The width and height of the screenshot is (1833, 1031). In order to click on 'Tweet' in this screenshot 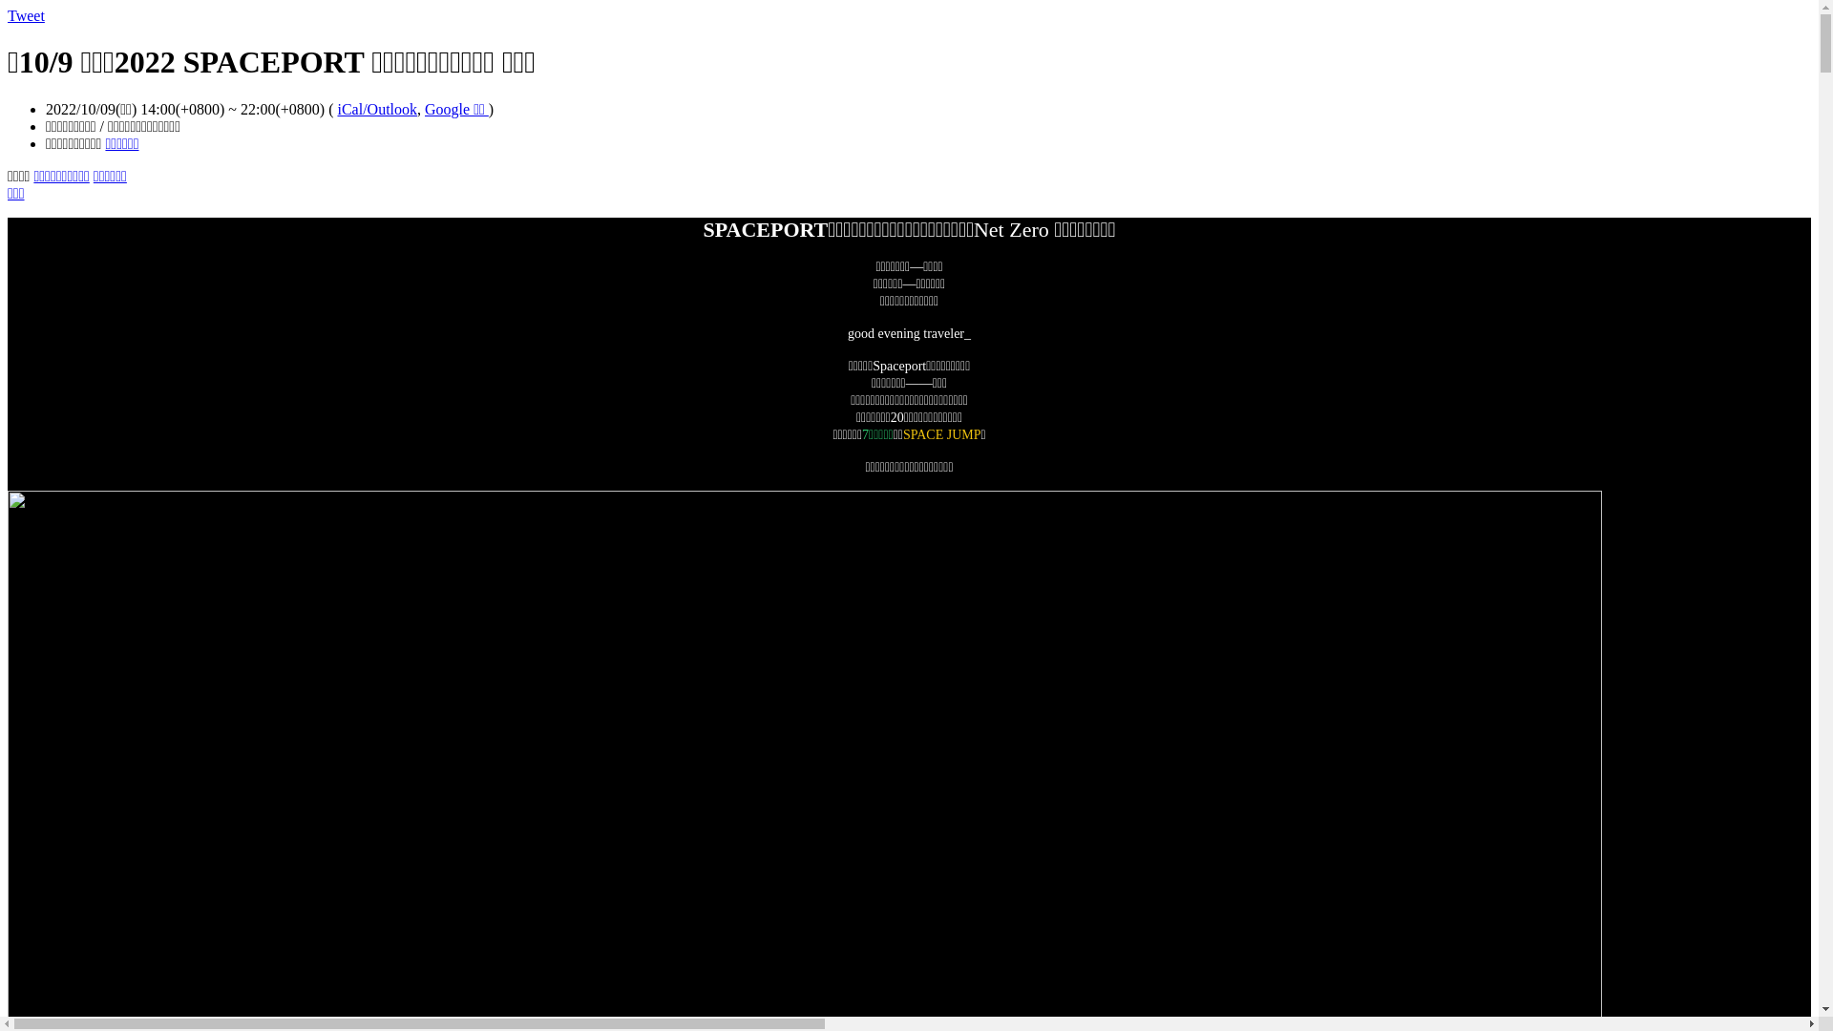, I will do `click(8, 15)`.